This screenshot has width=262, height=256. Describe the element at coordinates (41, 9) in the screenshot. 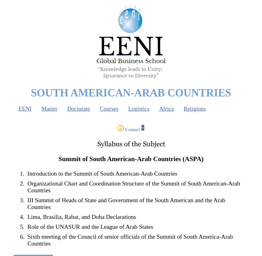

I see `'Find / Buscar / Chercher'` at that location.